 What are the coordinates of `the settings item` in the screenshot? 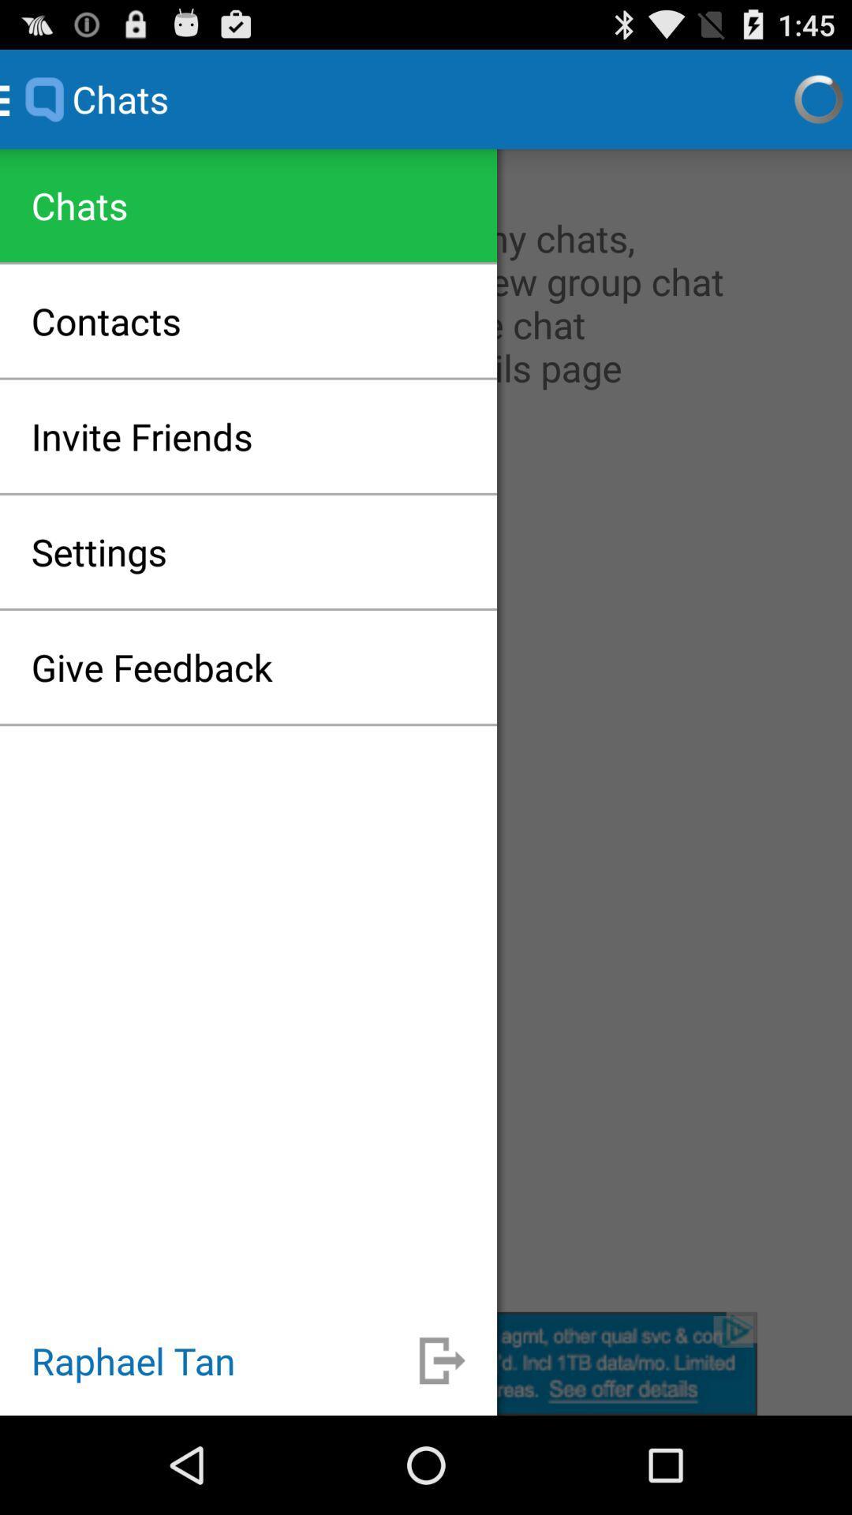 It's located at (99, 552).